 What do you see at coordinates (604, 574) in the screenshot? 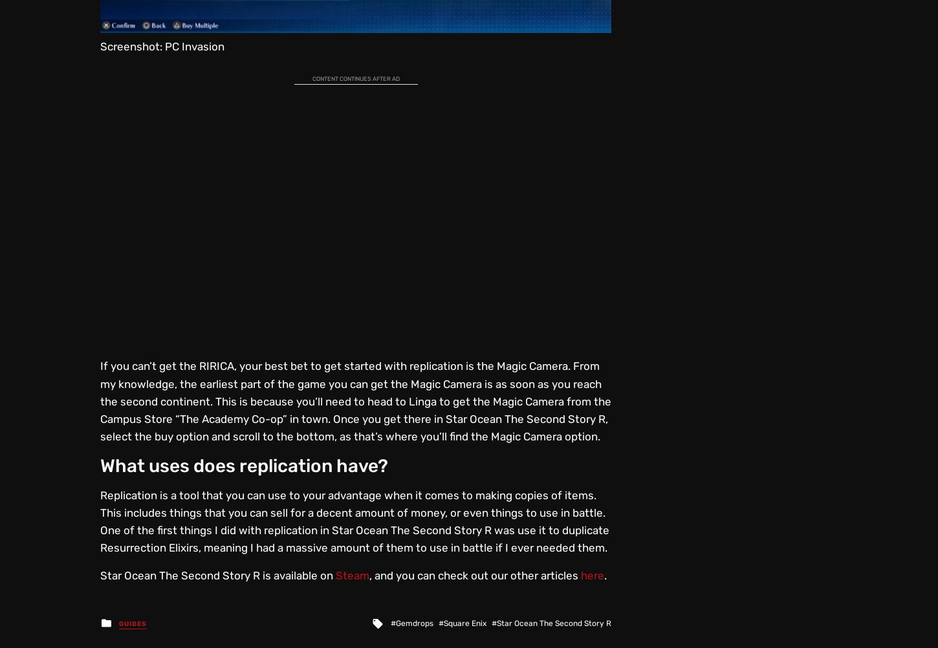
I see `'.'` at bounding box center [604, 574].